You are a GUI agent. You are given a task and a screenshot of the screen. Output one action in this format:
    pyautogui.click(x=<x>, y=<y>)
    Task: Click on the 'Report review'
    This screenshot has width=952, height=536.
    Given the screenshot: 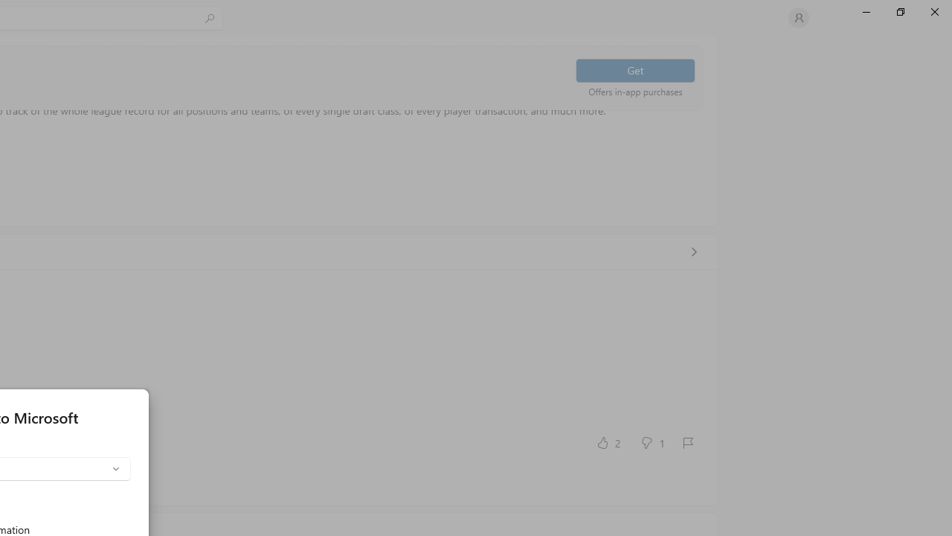 What is the action you would take?
    pyautogui.click(x=686, y=442)
    